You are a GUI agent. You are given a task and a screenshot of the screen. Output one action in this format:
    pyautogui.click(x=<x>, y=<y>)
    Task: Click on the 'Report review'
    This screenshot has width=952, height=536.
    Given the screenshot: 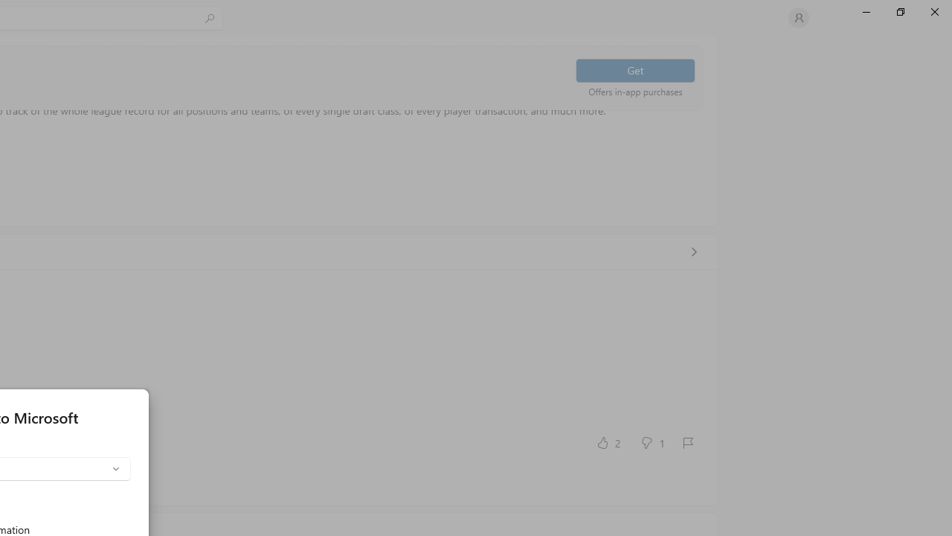 What is the action you would take?
    pyautogui.click(x=686, y=442)
    